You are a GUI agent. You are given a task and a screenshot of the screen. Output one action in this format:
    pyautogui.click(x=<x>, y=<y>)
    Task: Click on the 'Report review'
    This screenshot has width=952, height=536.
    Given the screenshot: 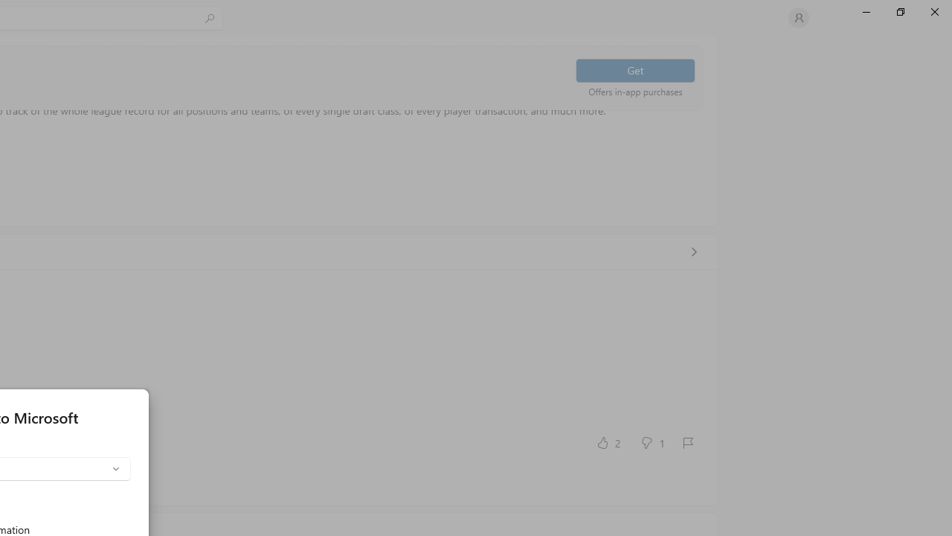 What is the action you would take?
    pyautogui.click(x=686, y=442)
    